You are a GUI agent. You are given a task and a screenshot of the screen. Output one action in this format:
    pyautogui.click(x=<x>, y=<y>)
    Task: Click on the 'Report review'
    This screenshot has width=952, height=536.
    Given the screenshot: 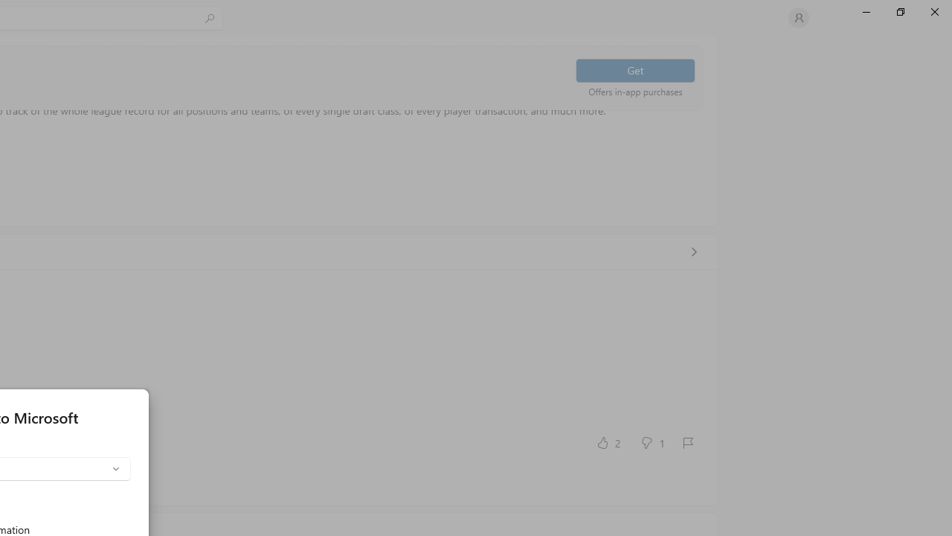 What is the action you would take?
    pyautogui.click(x=686, y=442)
    